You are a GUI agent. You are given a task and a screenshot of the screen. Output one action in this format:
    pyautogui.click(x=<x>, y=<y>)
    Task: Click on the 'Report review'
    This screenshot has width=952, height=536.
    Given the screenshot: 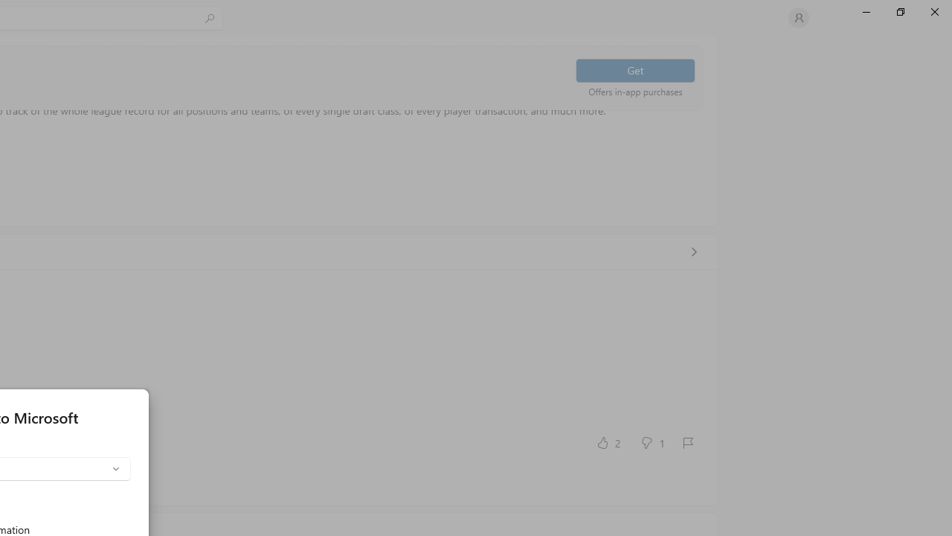 What is the action you would take?
    pyautogui.click(x=686, y=442)
    